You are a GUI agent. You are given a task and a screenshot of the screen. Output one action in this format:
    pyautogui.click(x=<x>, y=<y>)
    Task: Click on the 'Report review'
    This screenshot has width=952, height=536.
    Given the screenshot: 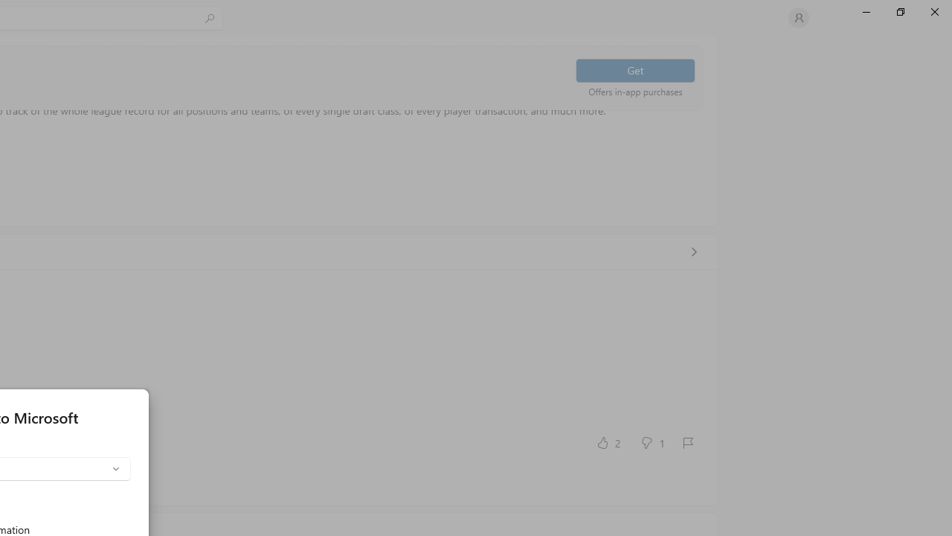 What is the action you would take?
    pyautogui.click(x=686, y=442)
    